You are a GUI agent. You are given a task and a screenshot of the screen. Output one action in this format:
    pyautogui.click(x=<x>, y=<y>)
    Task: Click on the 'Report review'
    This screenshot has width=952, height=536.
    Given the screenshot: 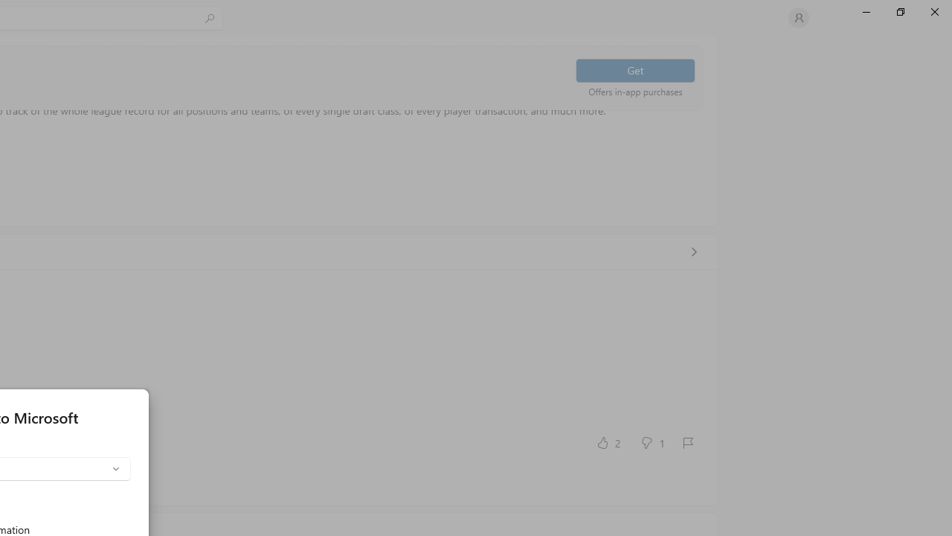 What is the action you would take?
    pyautogui.click(x=686, y=442)
    